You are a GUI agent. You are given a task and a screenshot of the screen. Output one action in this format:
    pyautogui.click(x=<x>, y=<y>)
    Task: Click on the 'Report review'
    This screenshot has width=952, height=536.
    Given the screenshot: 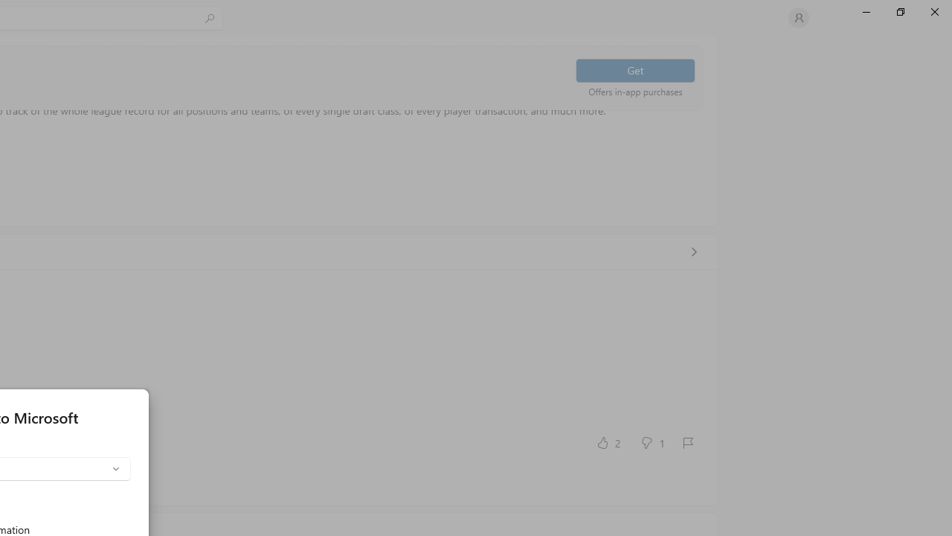 What is the action you would take?
    pyautogui.click(x=686, y=442)
    